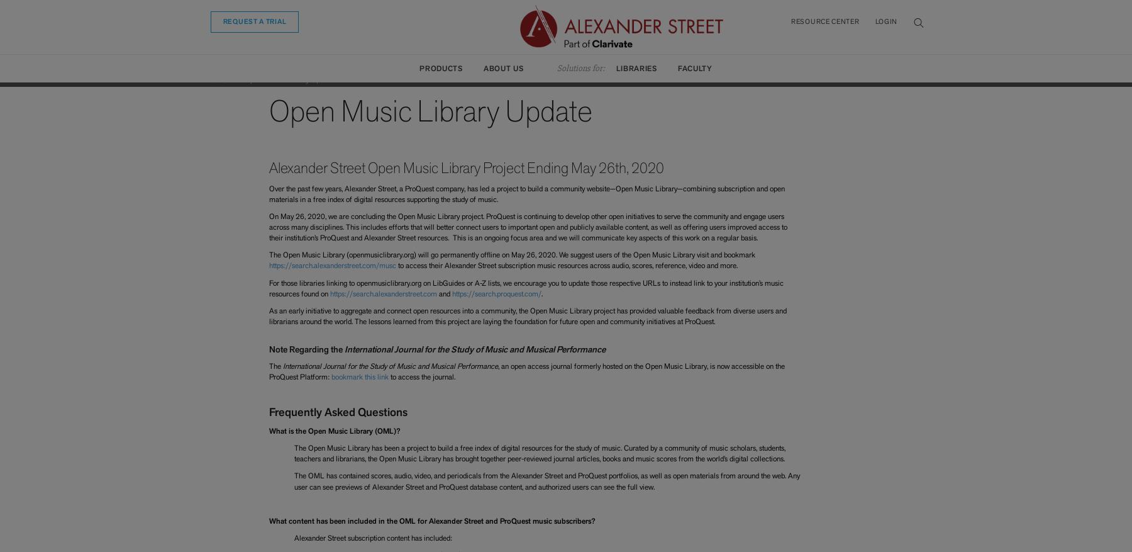 This screenshot has width=1132, height=552. I want to click on 'The Open Music Library (openmusiclibrary.org) will go permanently offline on May 26, 2020. We suggest users of the Open Music Library visit and bookmark', so click(268, 254).